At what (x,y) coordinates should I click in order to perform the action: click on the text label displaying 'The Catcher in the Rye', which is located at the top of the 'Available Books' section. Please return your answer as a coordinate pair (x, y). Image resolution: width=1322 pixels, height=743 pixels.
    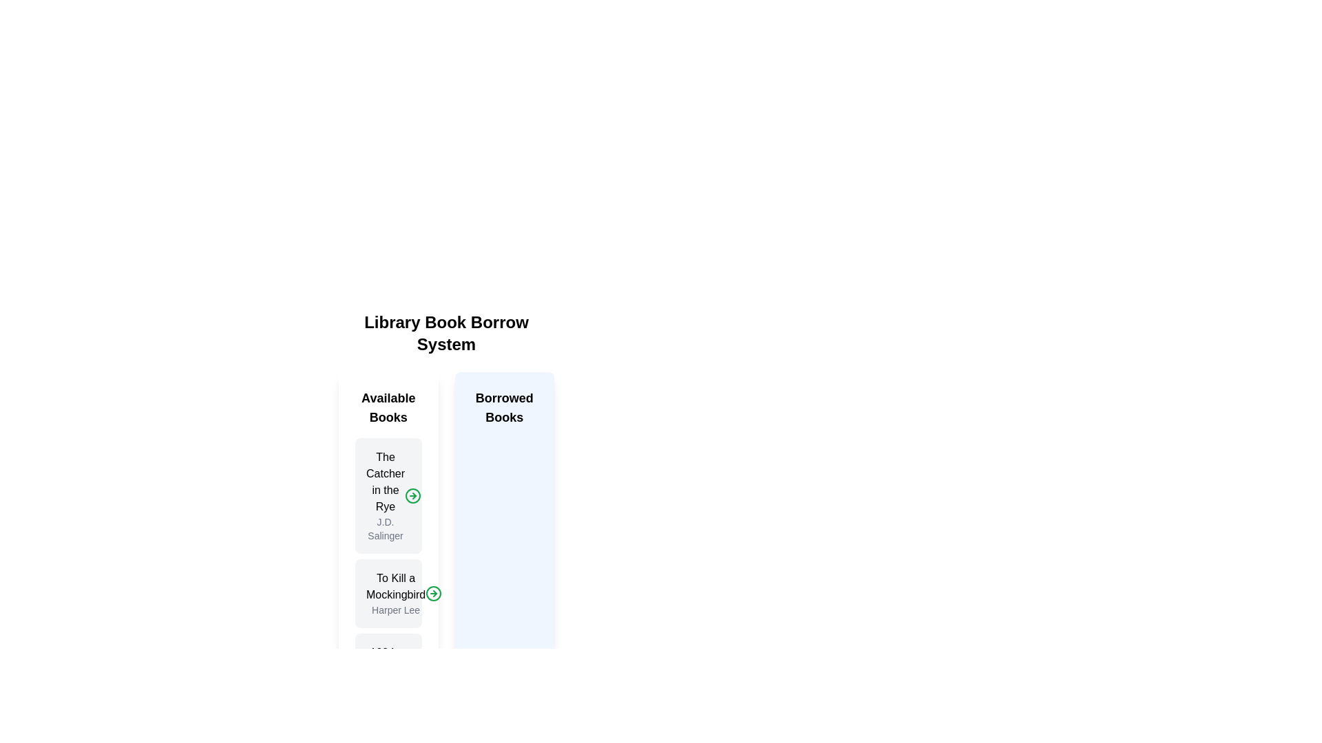
    Looking at the image, I should click on (386, 482).